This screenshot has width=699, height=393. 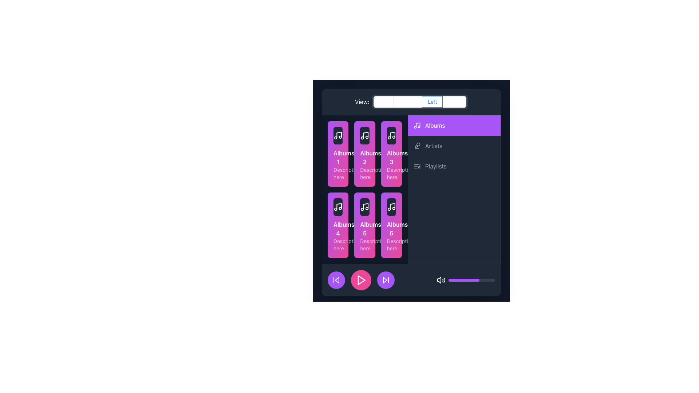 What do you see at coordinates (366, 206) in the screenshot?
I see `the vertical line of the music note icon located in the fifth album card on the second row of the album grid in the left section of the application` at bounding box center [366, 206].